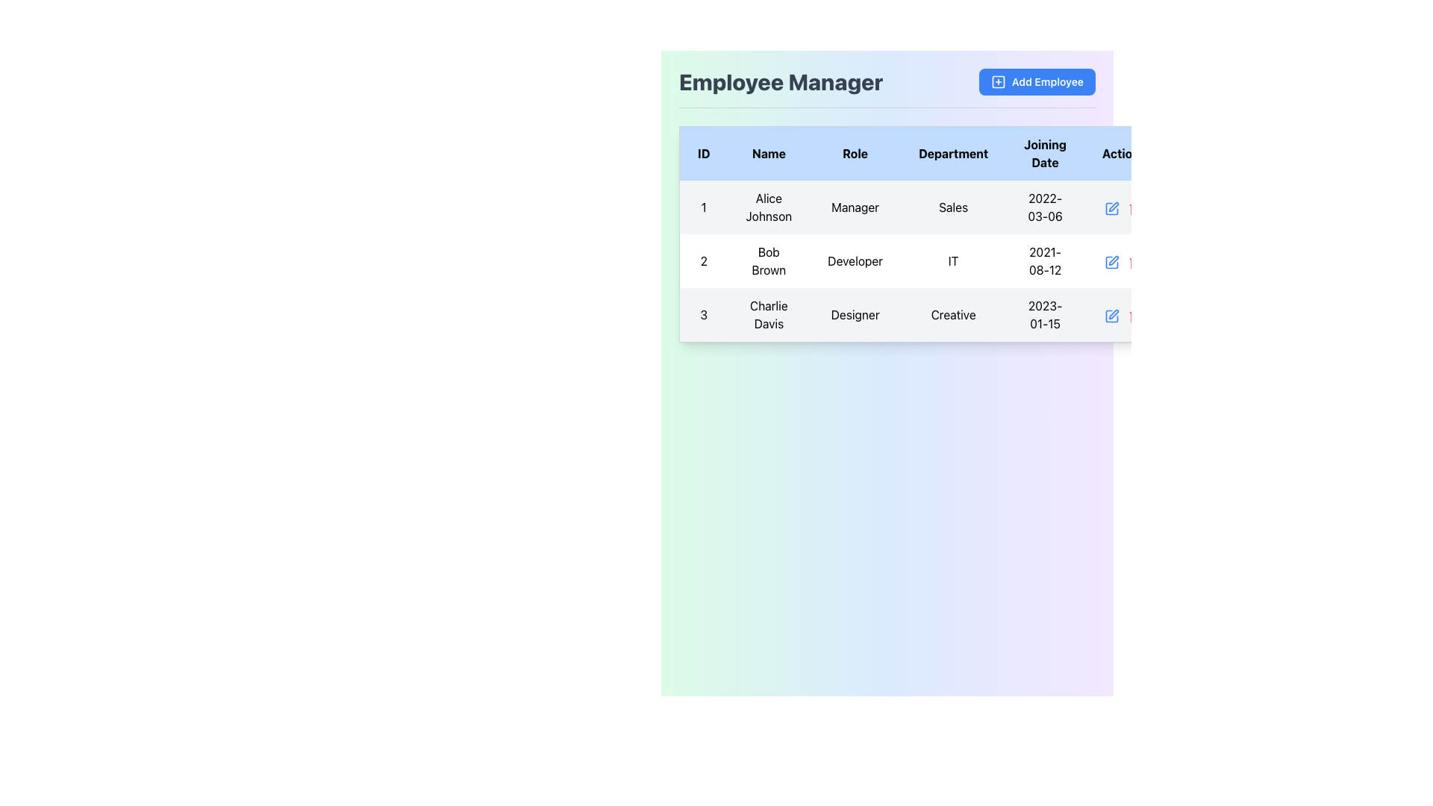  I want to click on the editing icon located in the 'Action' column of the second row in the 'Employee Manager' table, so click(1114, 259).